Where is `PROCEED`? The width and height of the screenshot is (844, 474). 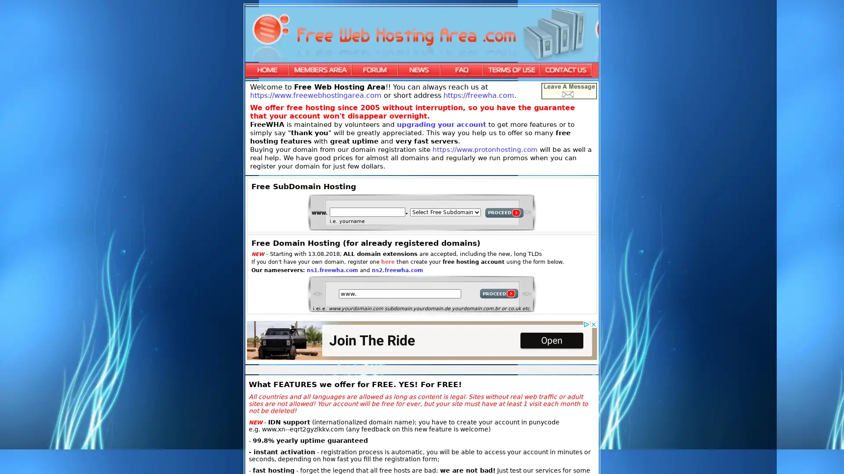
PROCEED is located at coordinates (504, 212).